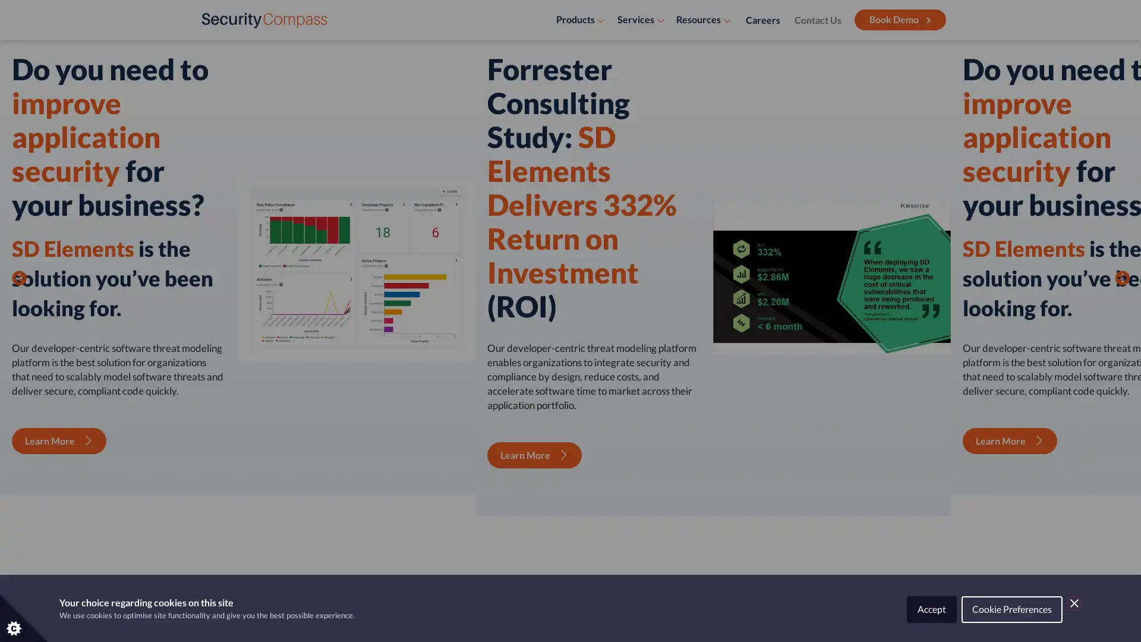 Image resolution: width=1141 pixels, height=642 pixels. Describe the element at coordinates (931, 609) in the screenshot. I see `Accept` at that location.